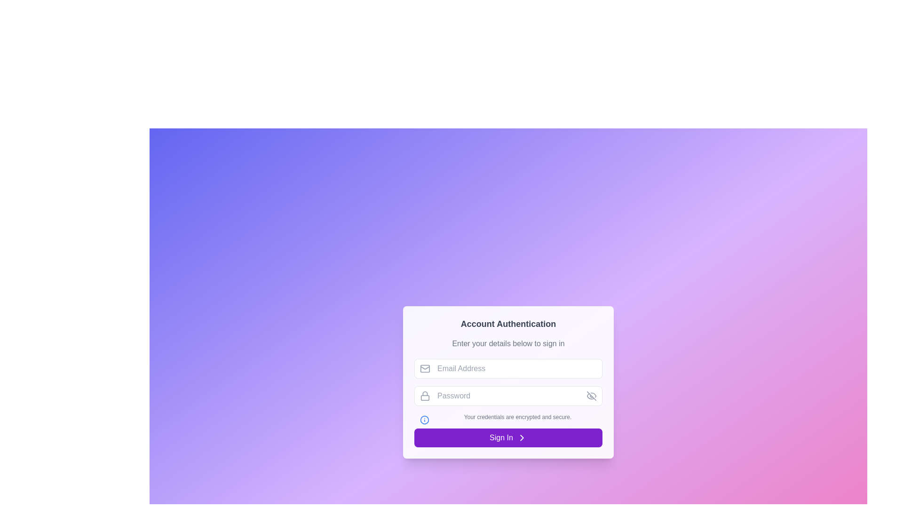 Image resolution: width=903 pixels, height=508 pixels. I want to click on the static text within the bottom purple button of the 'Account Authentication' card by tabbing, so click(500, 437).